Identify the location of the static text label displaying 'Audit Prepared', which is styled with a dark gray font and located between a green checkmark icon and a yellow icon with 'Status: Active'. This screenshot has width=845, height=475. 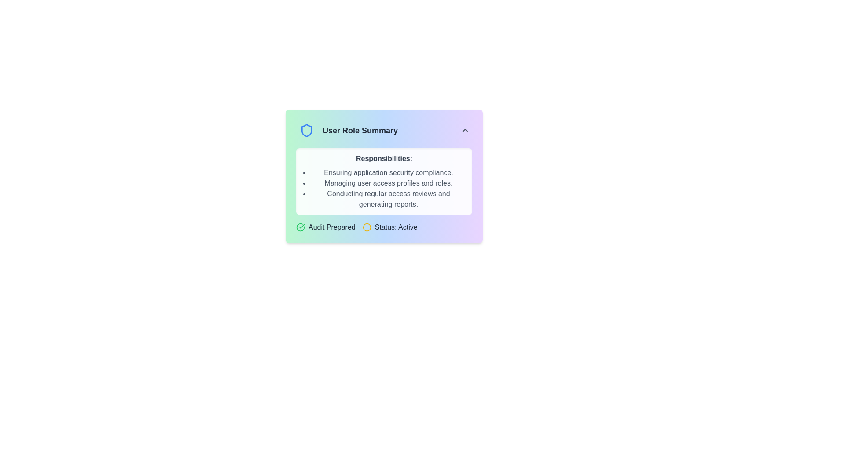
(331, 227).